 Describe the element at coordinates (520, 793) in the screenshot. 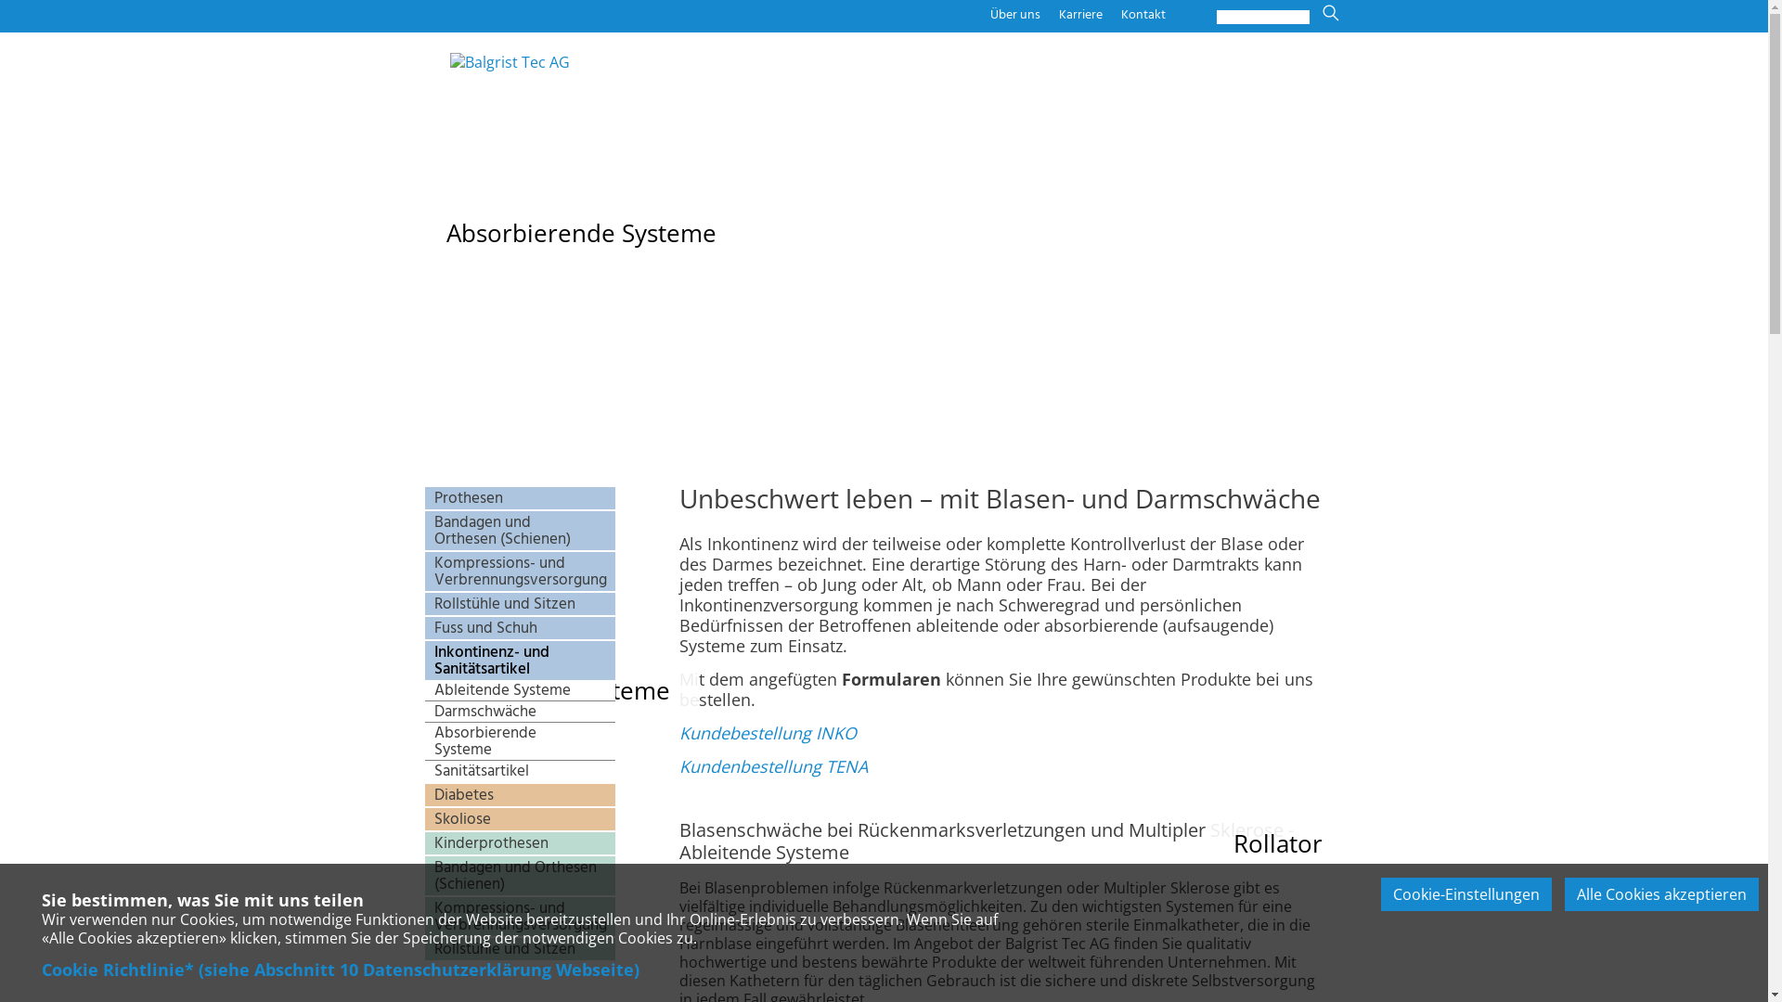

I see `'Diabetes'` at that location.